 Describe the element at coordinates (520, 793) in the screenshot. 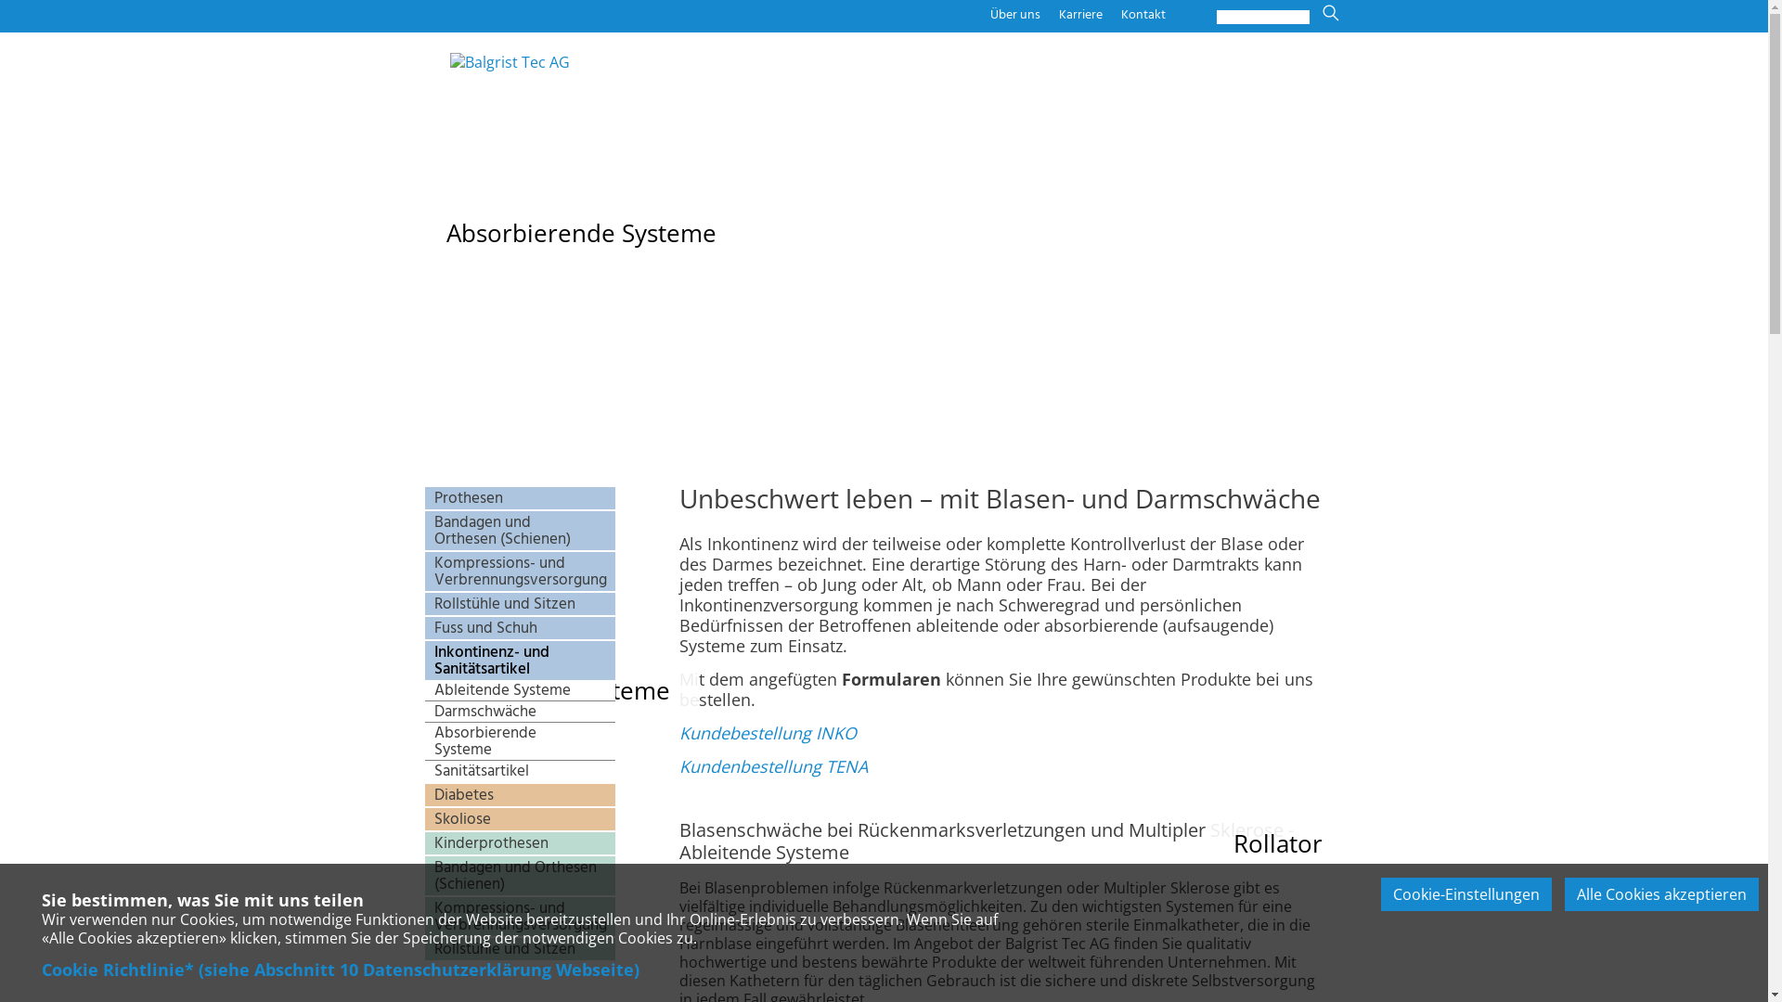

I see `'Diabetes'` at that location.